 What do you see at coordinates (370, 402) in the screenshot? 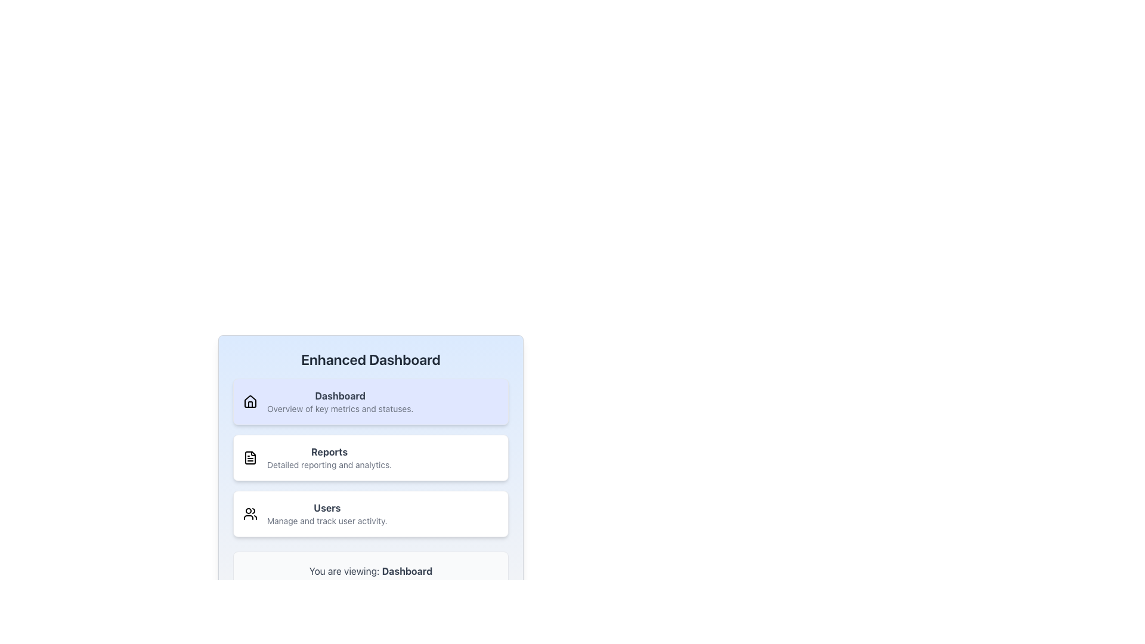
I see `the 'Dashboard' button with a house icon` at bounding box center [370, 402].